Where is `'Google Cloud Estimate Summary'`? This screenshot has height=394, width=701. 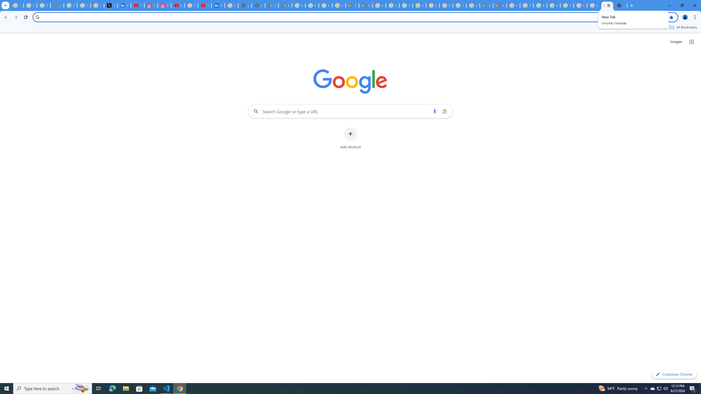 'Google Cloud Estimate Summary' is located at coordinates (500, 5).